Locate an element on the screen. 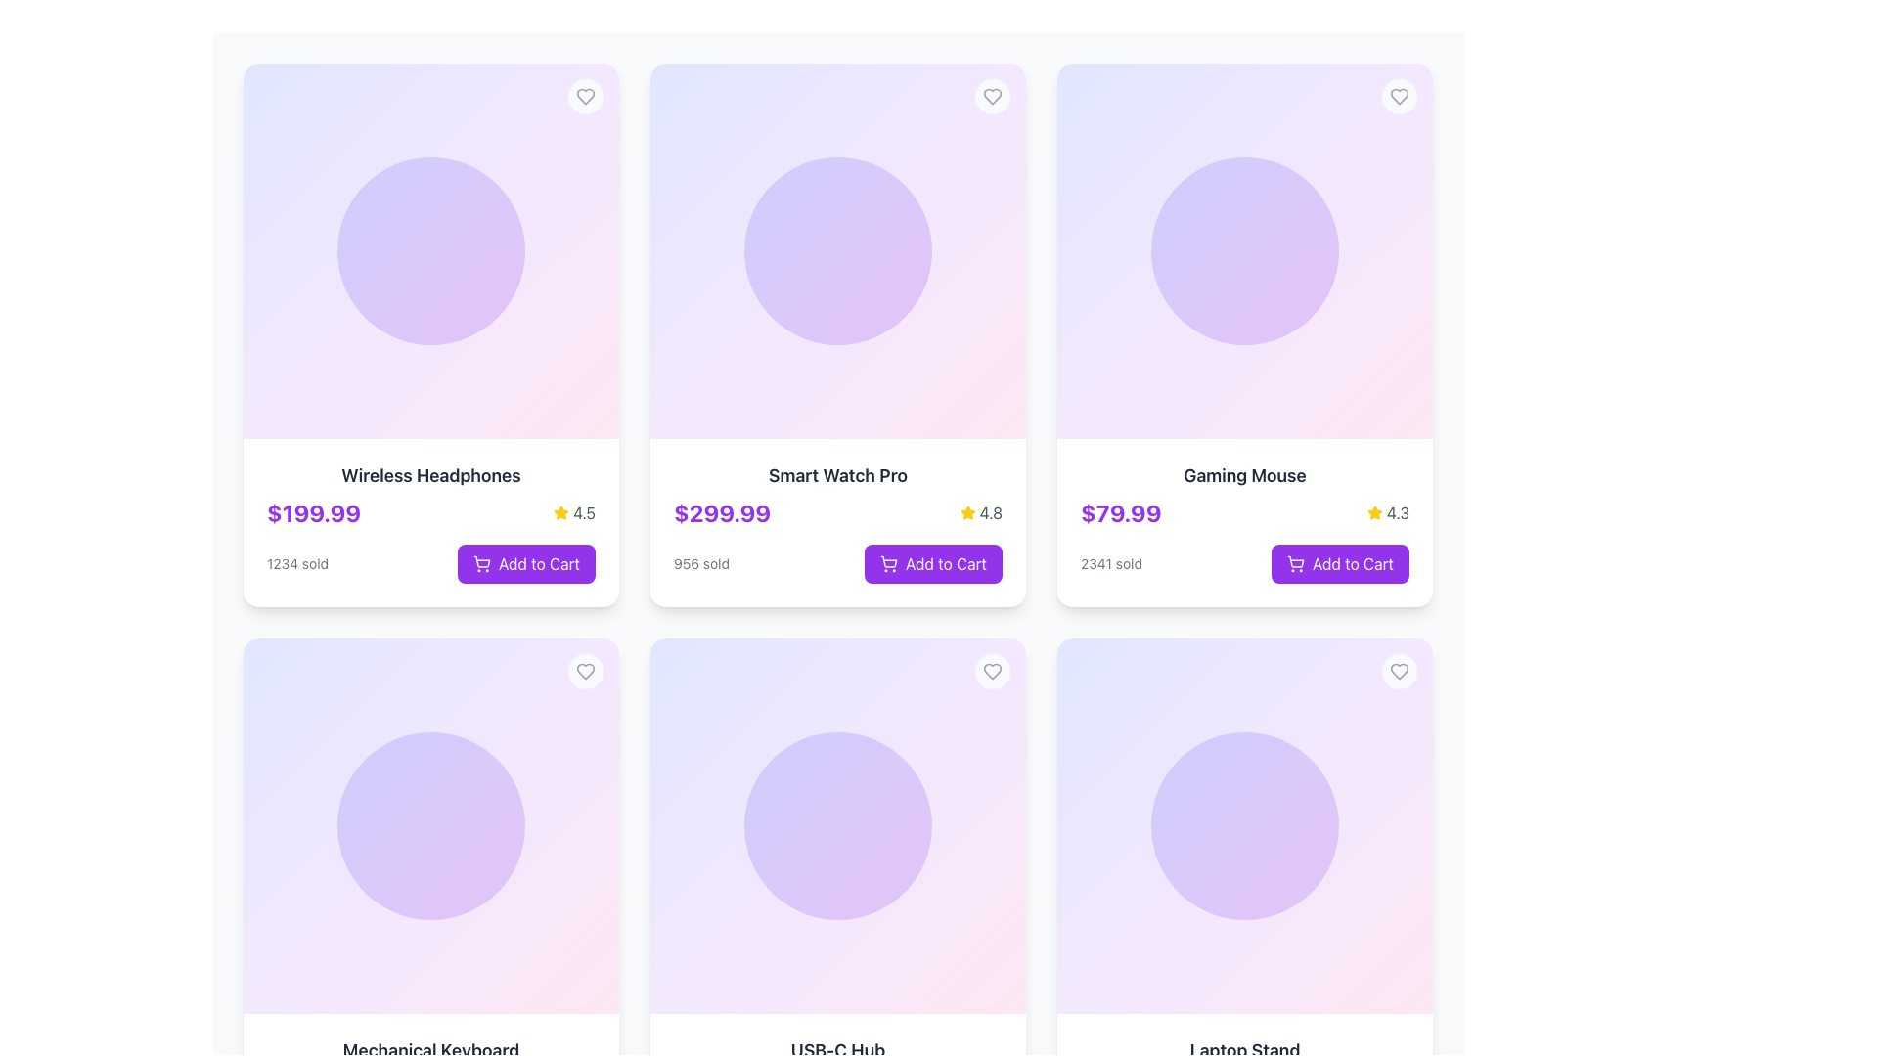  text label 'Add to Cart' which is embedded within the purple button on the product card for 'Smart Watch Pro' is located at coordinates (946, 564).